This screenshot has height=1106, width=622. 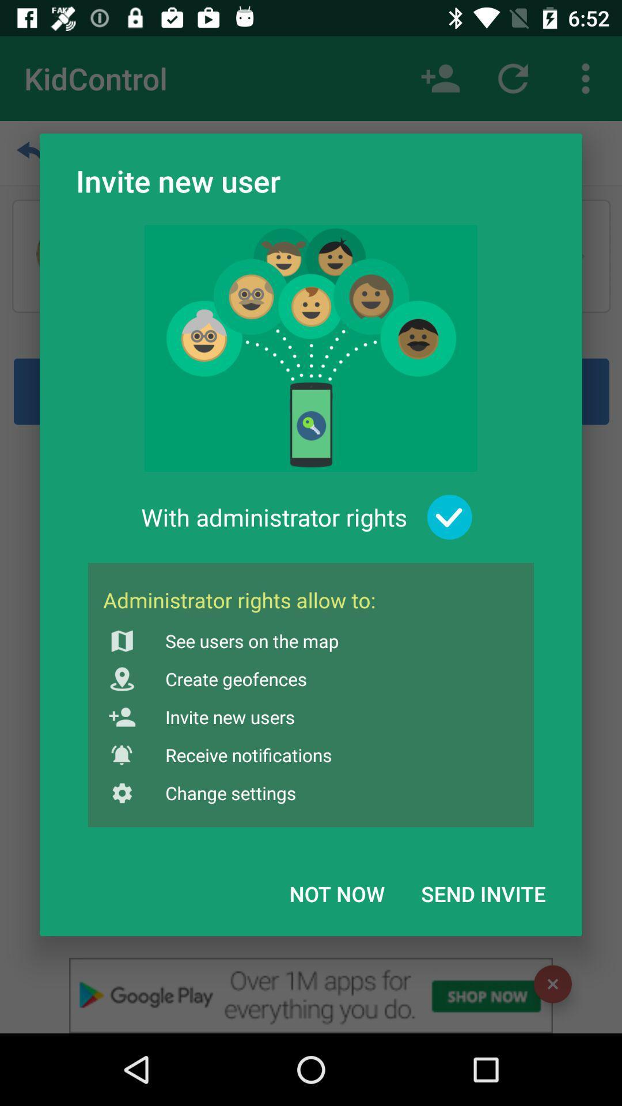 I want to click on not now icon, so click(x=337, y=893).